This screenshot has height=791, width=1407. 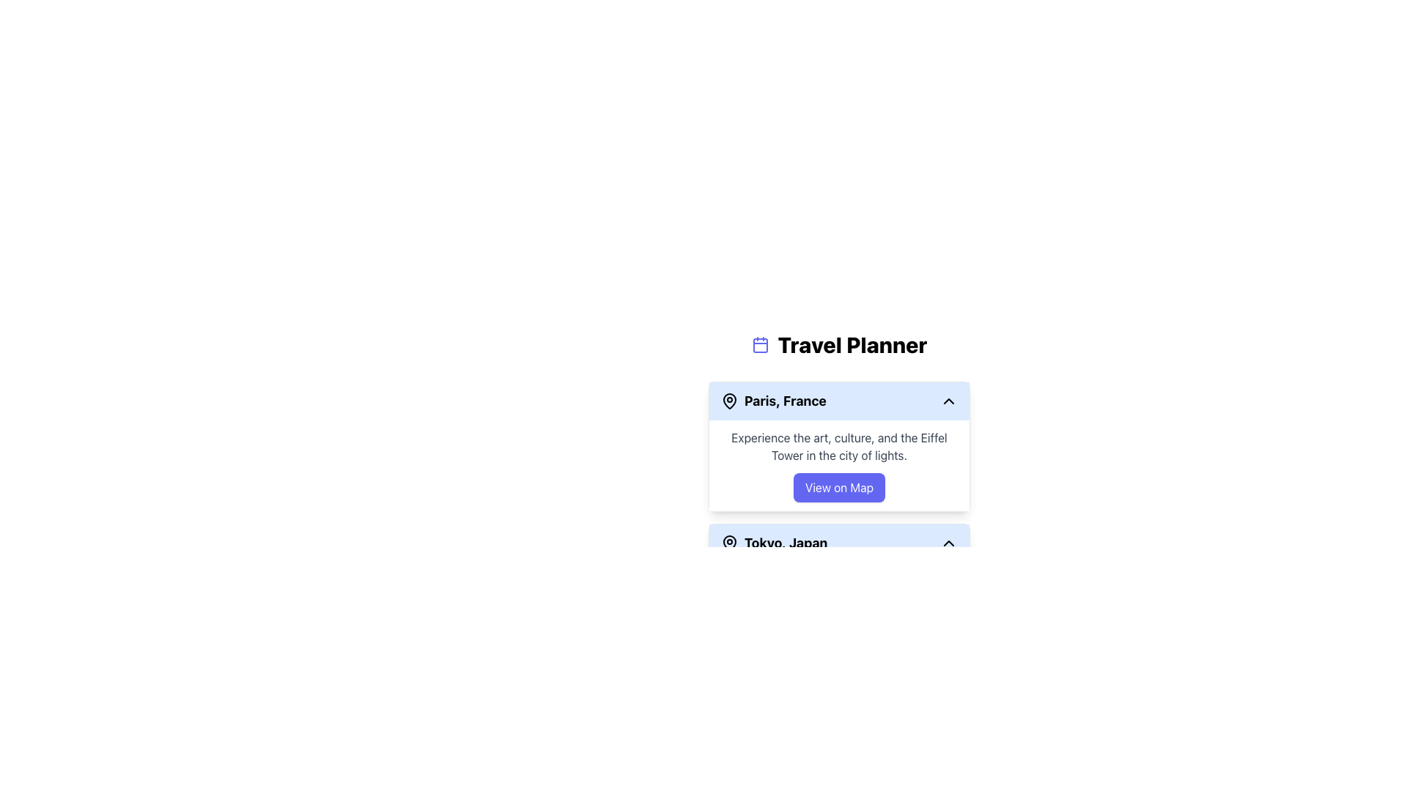 What do you see at coordinates (949, 401) in the screenshot?
I see `the small black upward-facing chevron icon located at the far right of the 'Paris, France' header row` at bounding box center [949, 401].